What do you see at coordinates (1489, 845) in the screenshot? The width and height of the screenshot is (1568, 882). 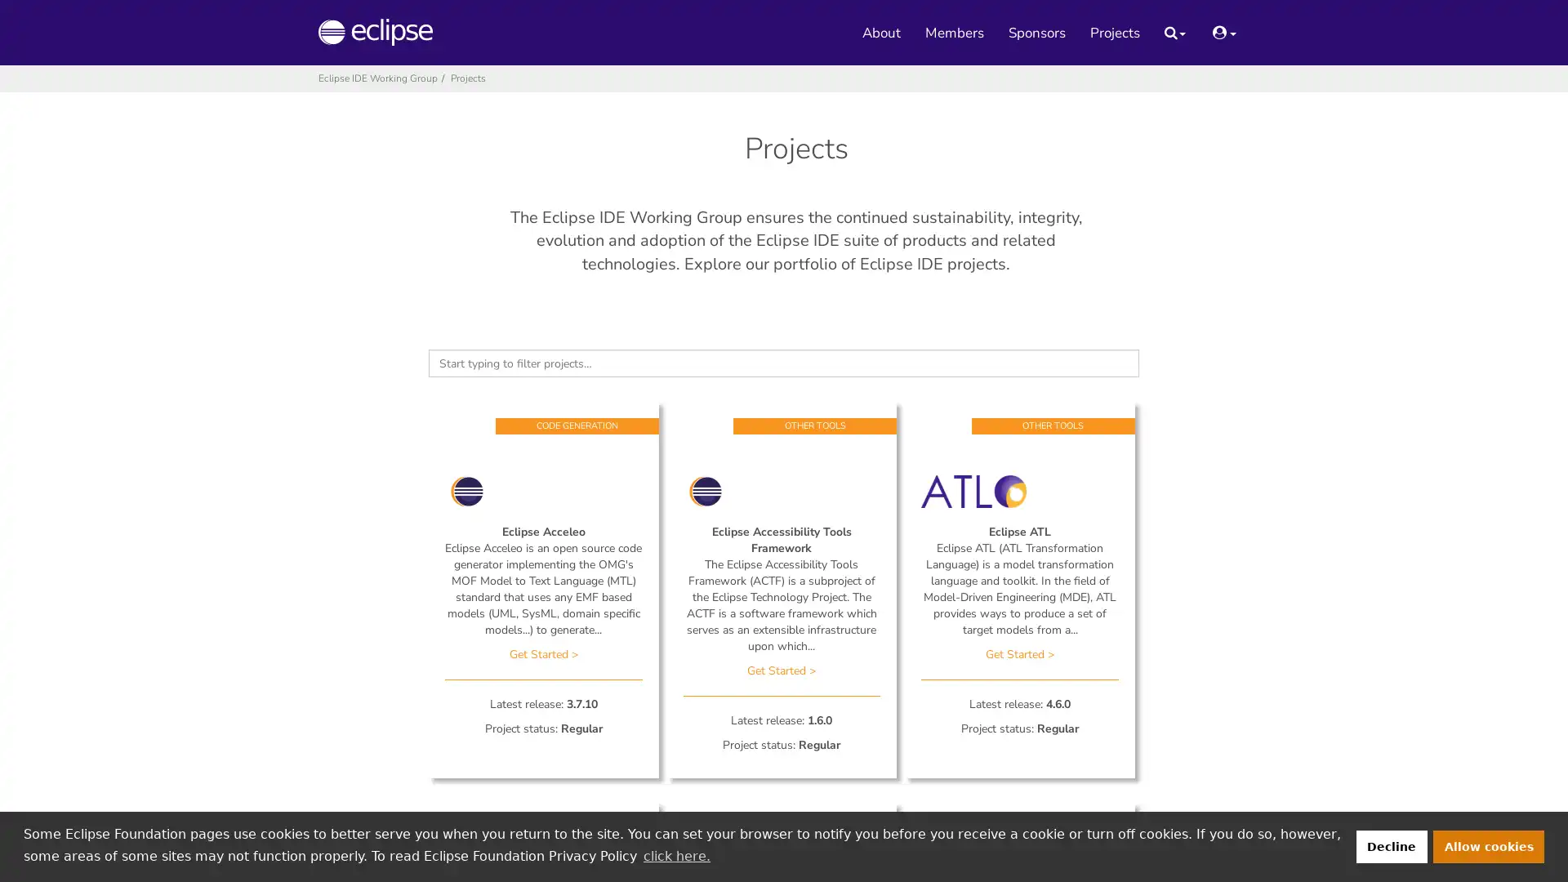 I see `allow cookies` at bounding box center [1489, 845].